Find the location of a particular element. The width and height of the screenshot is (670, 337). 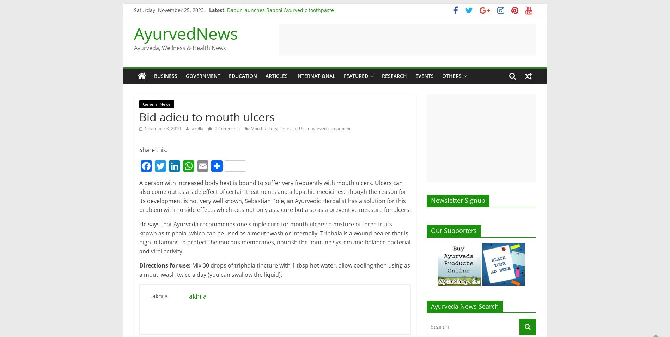

'Dabur Chyawanprash sets Guinness World Record' is located at coordinates (286, 41).